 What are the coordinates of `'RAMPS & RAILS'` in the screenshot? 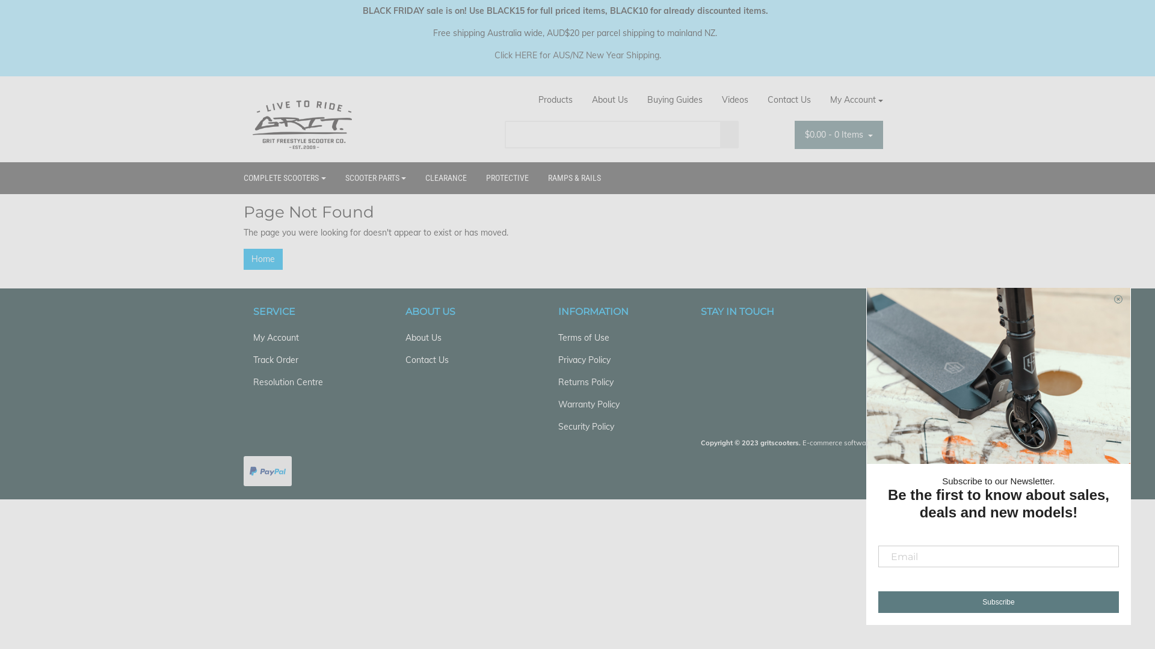 It's located at (574, 178).